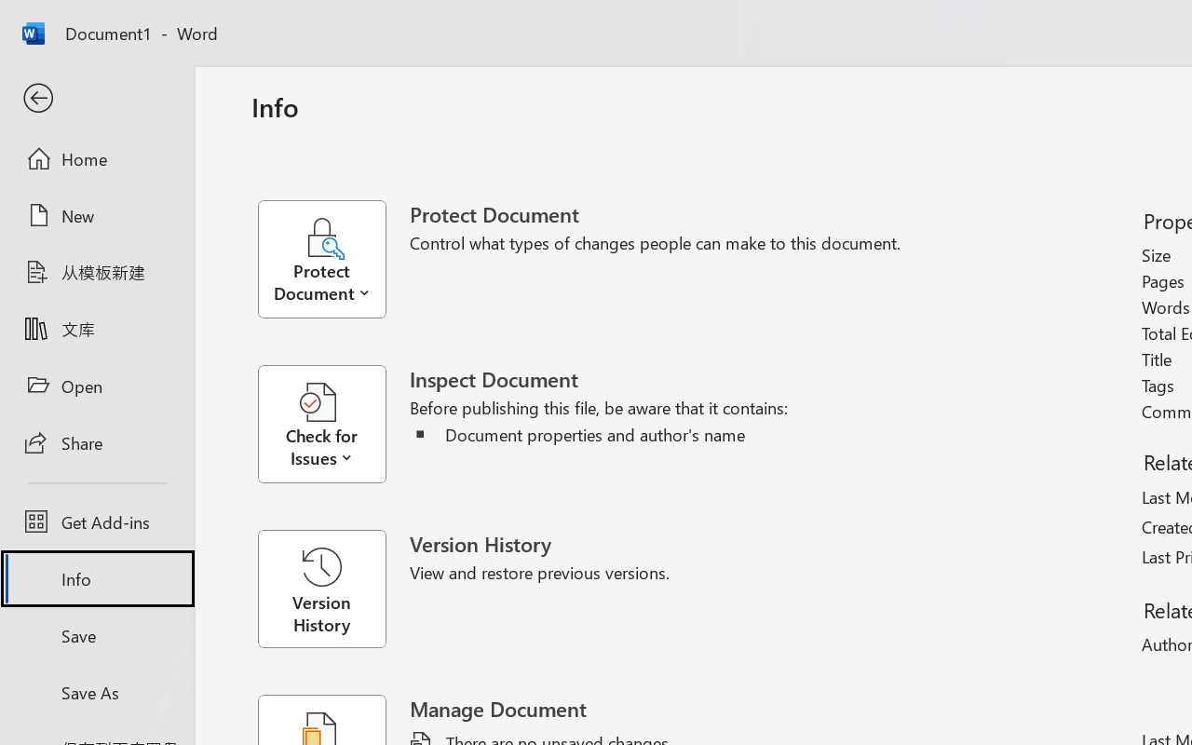 This screenshot has height=745, width=1192. Describe the element at coordinates (96, 578) in the screenshot. I see `'Info'` at that location.